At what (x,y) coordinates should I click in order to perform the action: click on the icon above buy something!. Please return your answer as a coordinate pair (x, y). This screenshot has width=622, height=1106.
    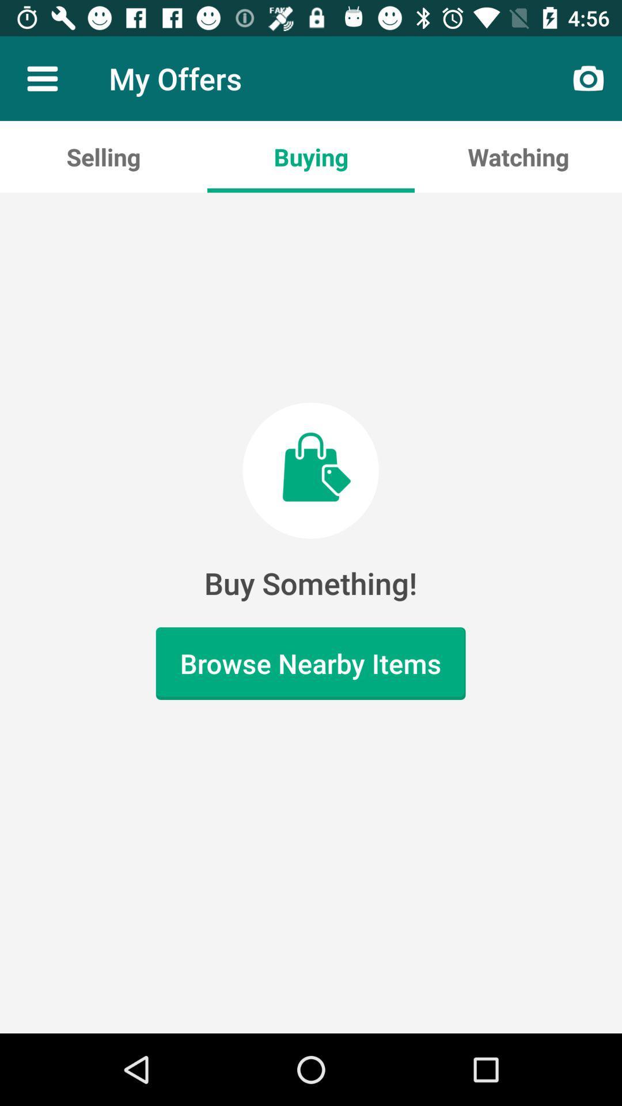
    Looking at the image, I should click on (104, 156).